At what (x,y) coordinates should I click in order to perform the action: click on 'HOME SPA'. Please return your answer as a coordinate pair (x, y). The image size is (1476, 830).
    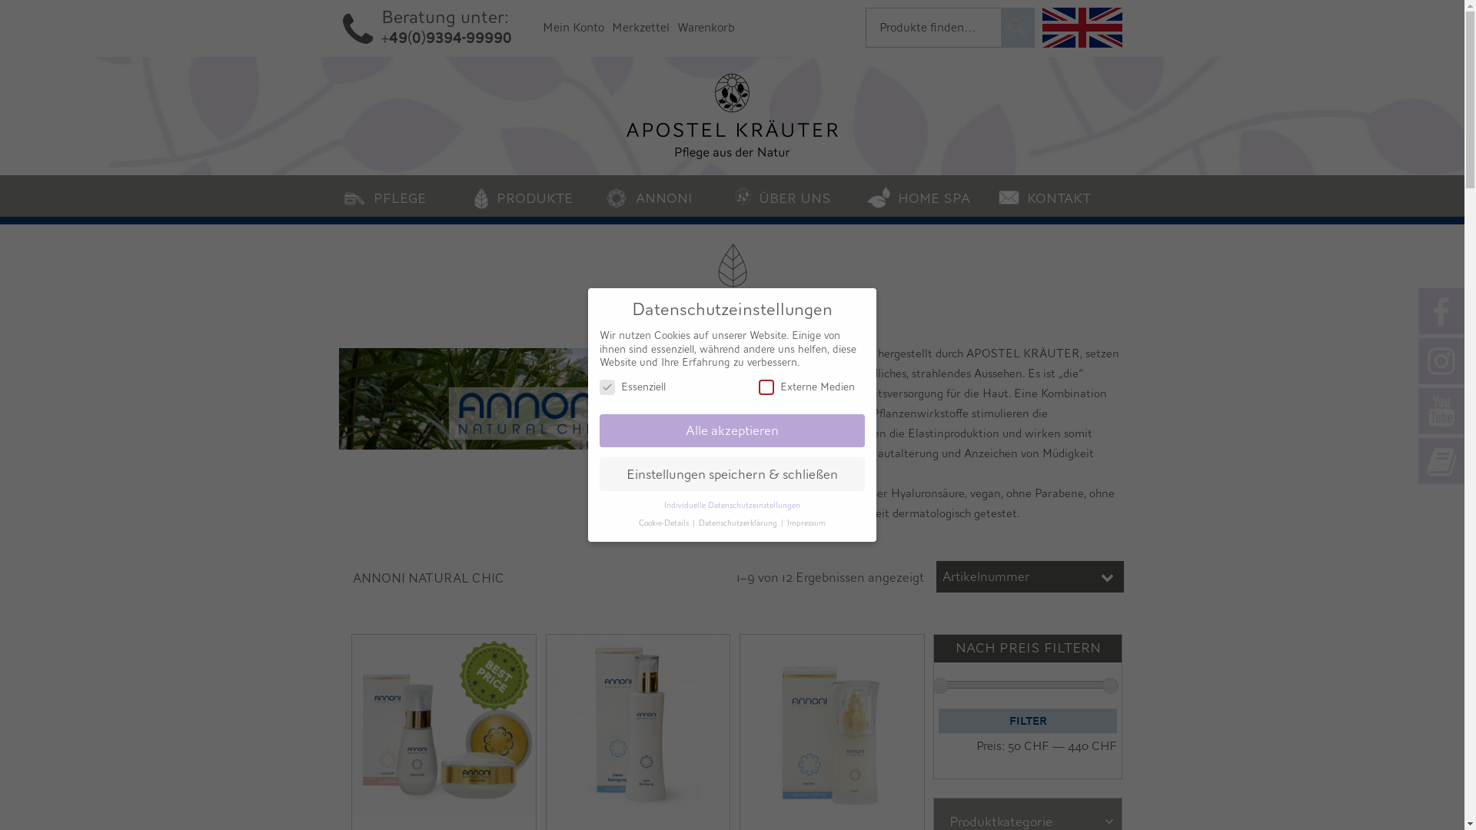
    Looking at the image, I should click on (928, 194).